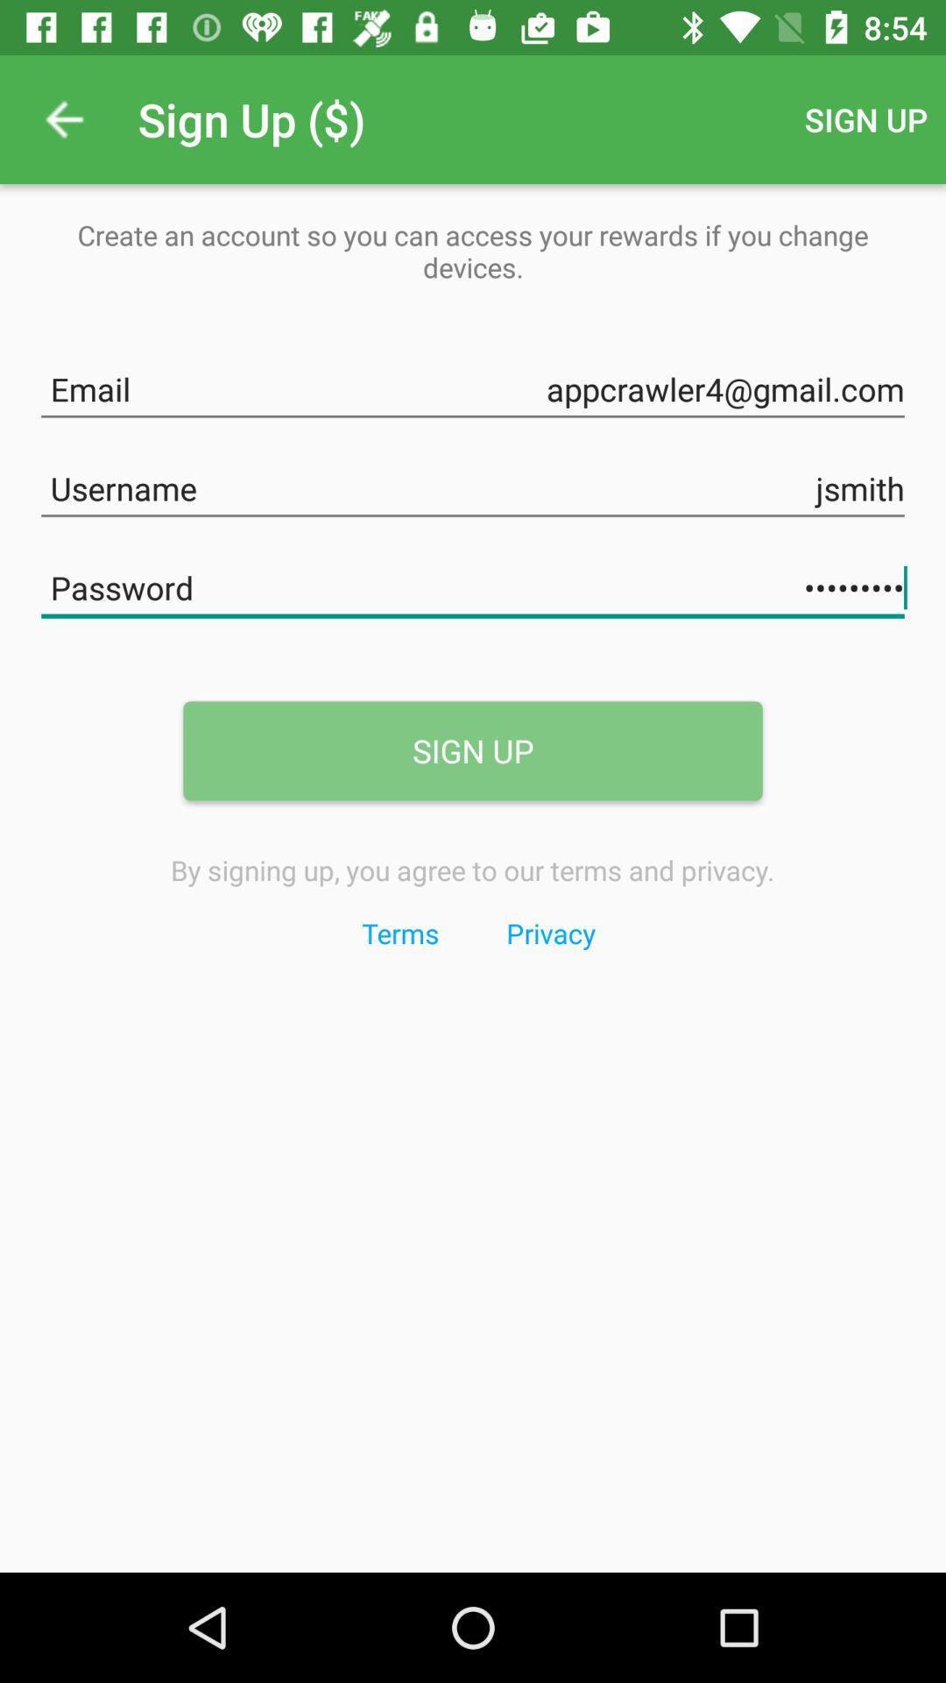 Image resolution: width=946 pixels, height=1683 pixels. Describe the element at coordinates (473, 585) in the screenshot. I see `the crowd3116` at that location.